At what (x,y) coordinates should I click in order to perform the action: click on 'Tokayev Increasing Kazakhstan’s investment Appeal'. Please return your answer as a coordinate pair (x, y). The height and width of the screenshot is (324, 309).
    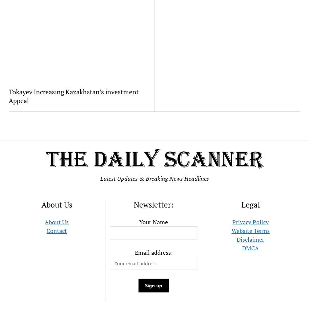
    Looking at the image, I should click on (73, 96).